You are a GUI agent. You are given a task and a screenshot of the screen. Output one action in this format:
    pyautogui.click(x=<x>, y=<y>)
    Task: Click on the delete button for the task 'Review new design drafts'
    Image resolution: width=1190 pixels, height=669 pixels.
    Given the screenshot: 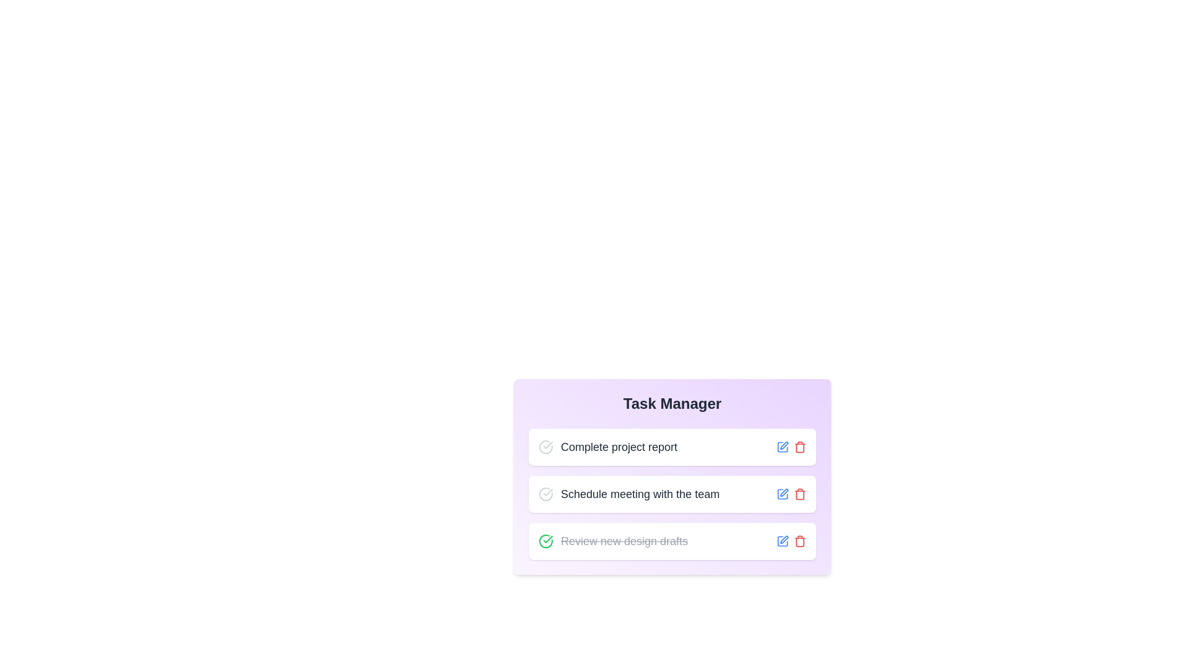 What is the action you would take?
    pyautogui.click(x=800, y=541)
    